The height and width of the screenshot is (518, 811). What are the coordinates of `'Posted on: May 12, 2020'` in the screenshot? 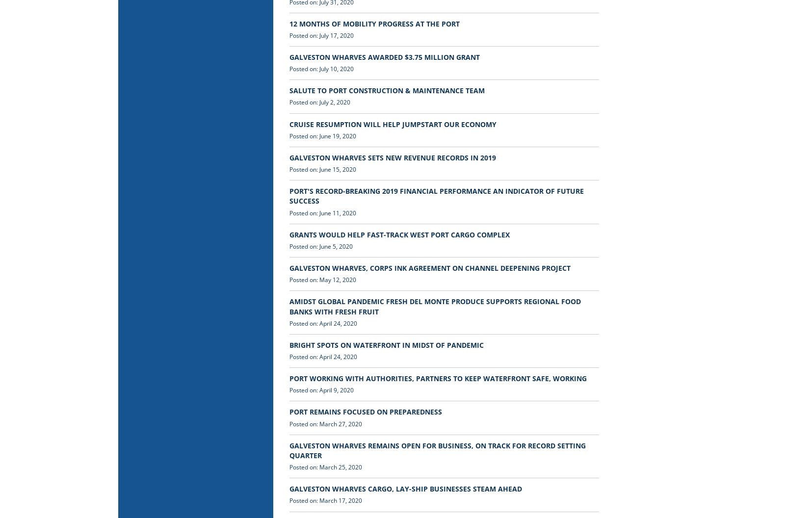 It's located at (322, 280).